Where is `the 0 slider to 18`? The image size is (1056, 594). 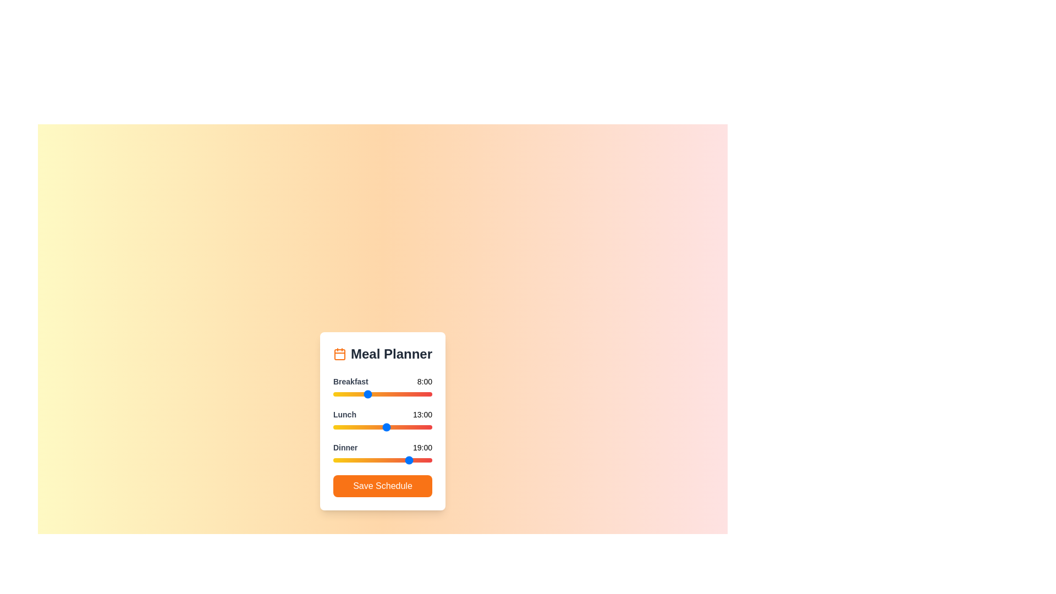 the 0 slider to 18 is located at coordinates (406, 394).